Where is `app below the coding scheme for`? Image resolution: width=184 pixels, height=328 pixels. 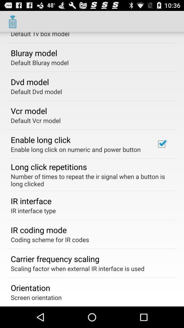
app below the coding scheme for is located at coordinates (55, 258).